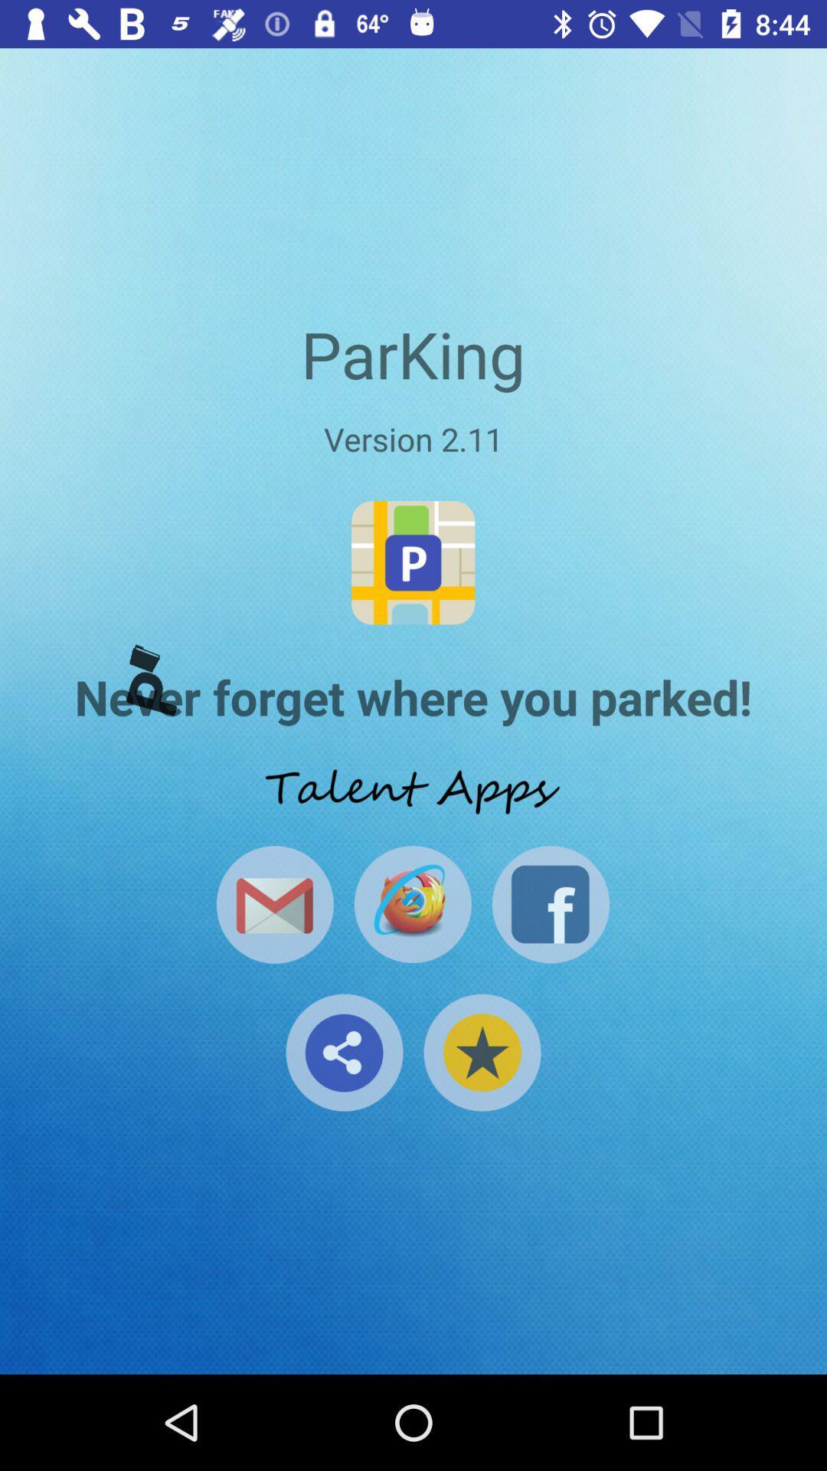 The height and width of the screenshot is (1471, 827). Describe the element at coordinates (481, 1051) in the screenshot. I see `the star icon` at that location.